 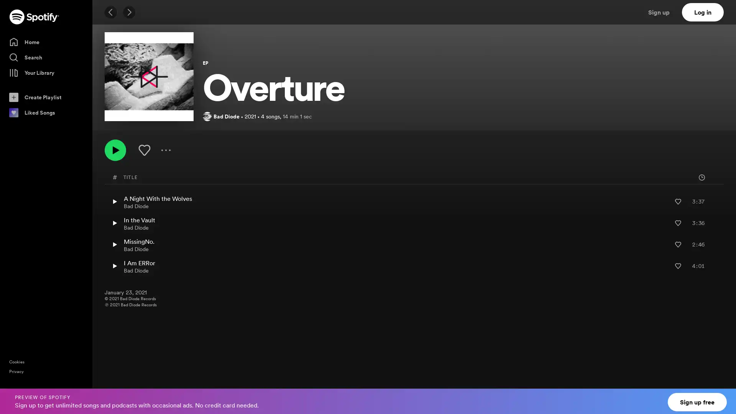 I want to click on Play A Night With the Wolves by Bad Diode, so click(x=114, y=201).